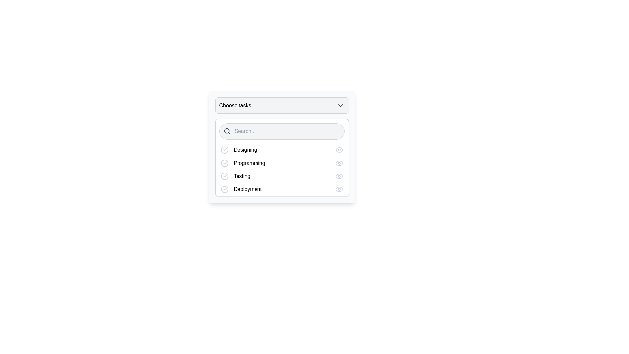 The width and height of the screenshot is (629, 354). What do you see at coordinates (237, 105) in the screenshot?
I see `text label indicating that this dropdown menu is for selecting tasks, located in the upper-left side of the dropdown component before the chevron-down icon` at bounding box center [237, 105].